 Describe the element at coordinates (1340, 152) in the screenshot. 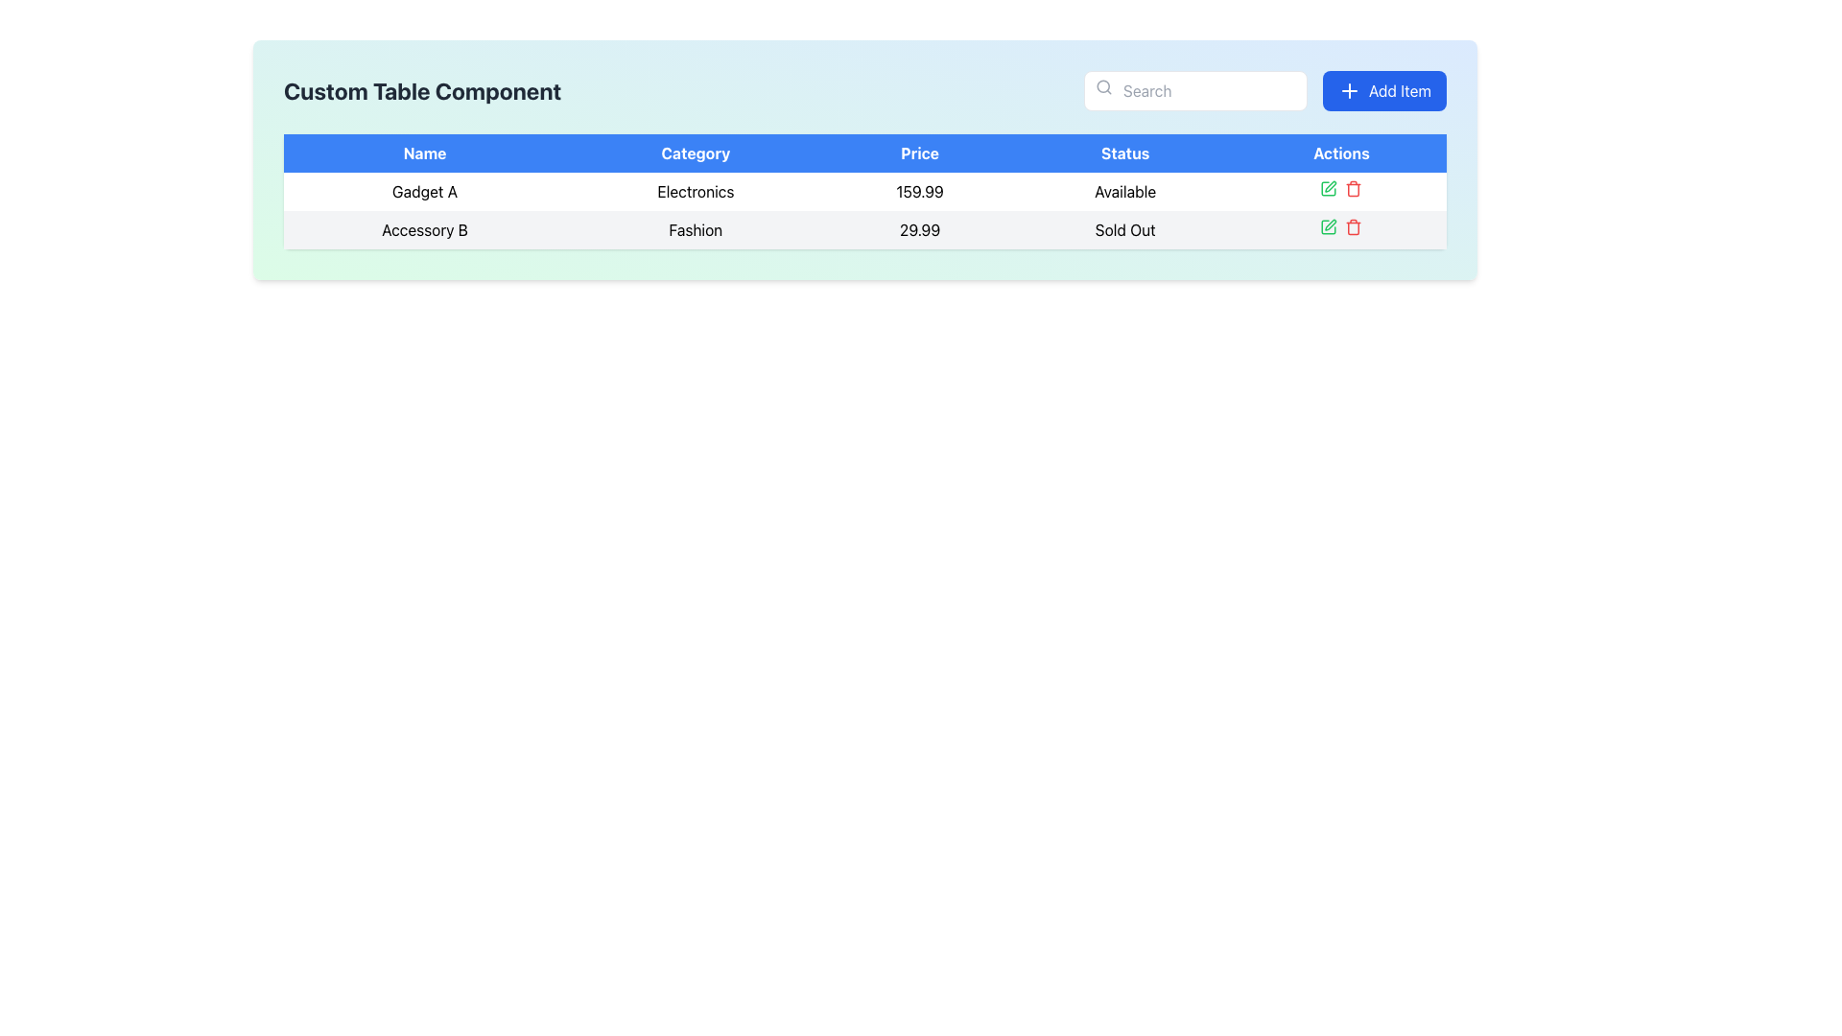

I see `the Table Header Cell labeled 'Actions' which is the fifth column in the header row of a table, rendered in bold white font on a blue background` at that location.